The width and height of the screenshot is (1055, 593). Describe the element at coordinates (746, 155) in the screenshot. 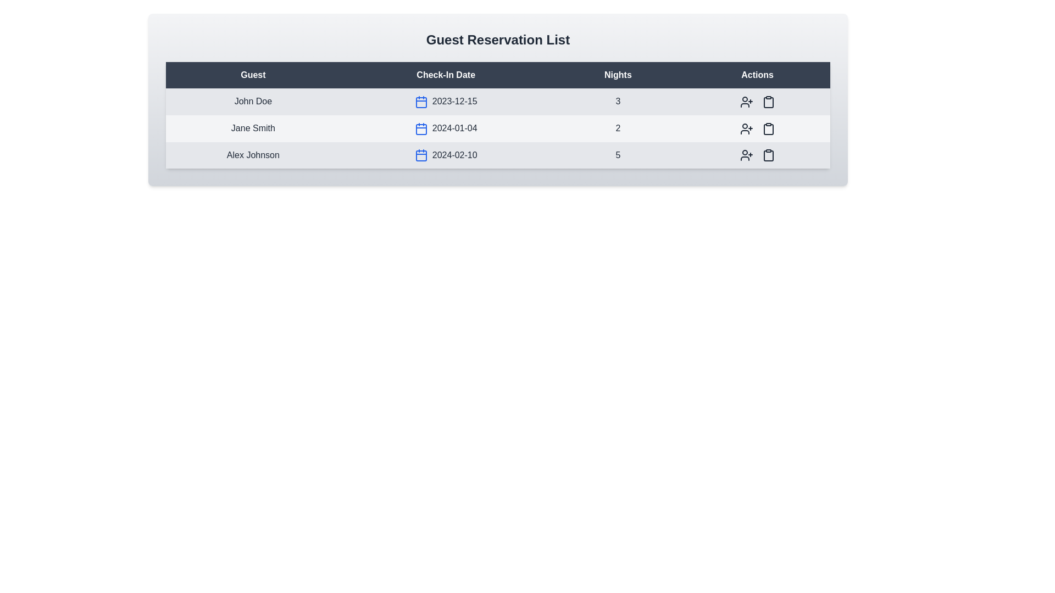

I see `the icon button in the 'Actions' column of the third row corresponding to 'Alex Johnson'` at that location.